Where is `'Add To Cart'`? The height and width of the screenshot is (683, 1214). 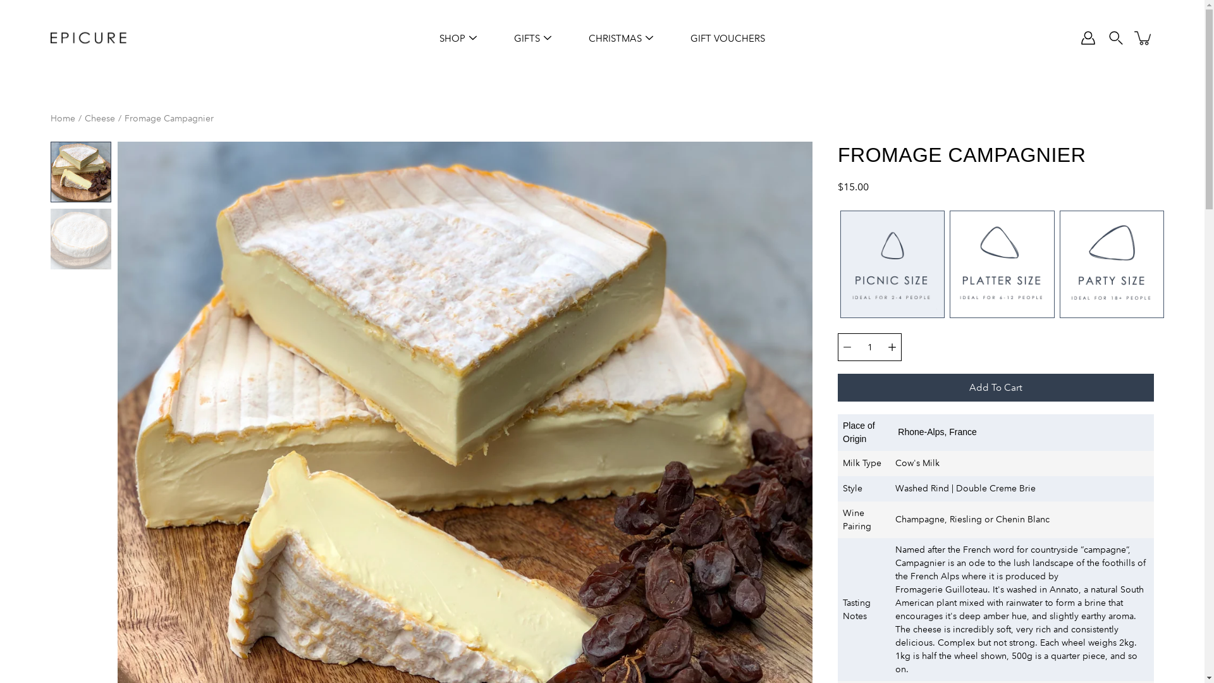 'Add To Cart' is located at coordinates (995, 387).